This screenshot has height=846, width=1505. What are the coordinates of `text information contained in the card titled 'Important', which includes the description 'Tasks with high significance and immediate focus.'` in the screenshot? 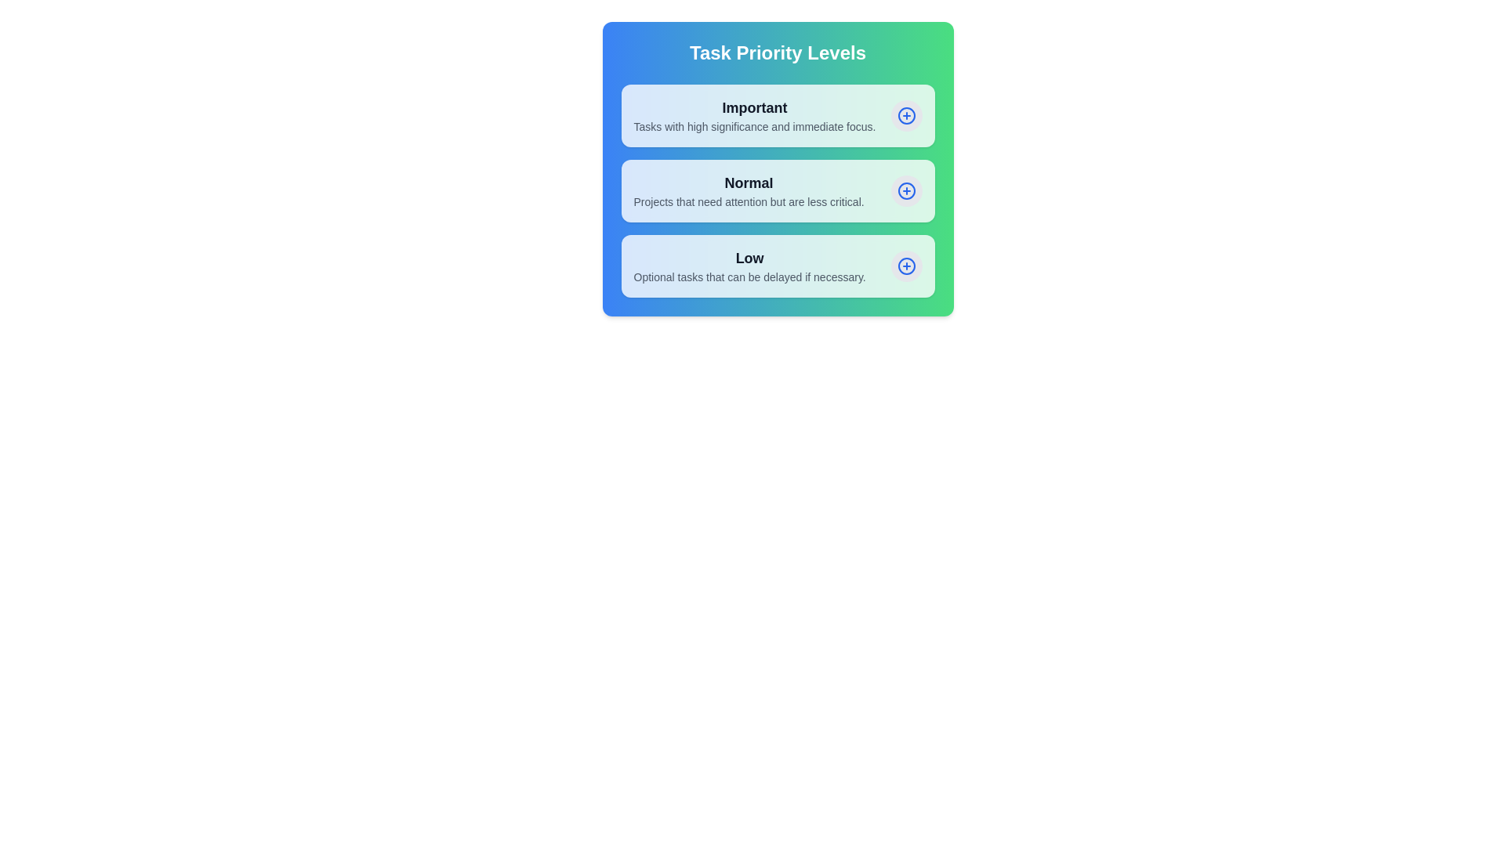 It's located at (778, 114).